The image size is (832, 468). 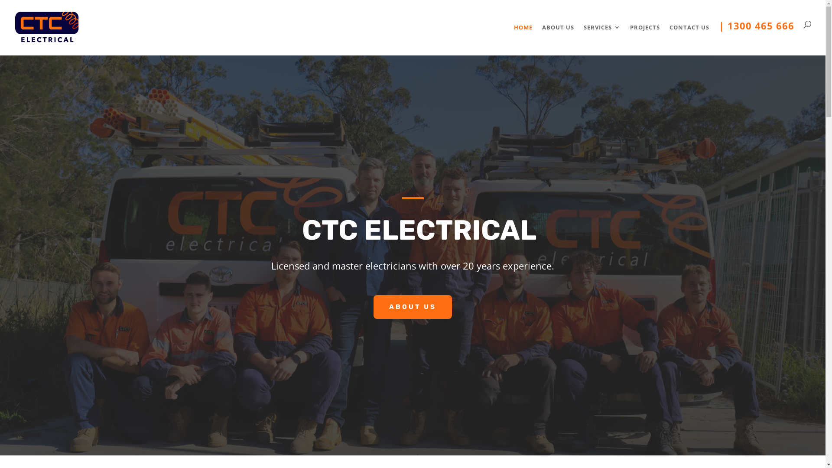 I want to click on 'CONTACT US', so click(x=689, y=37).